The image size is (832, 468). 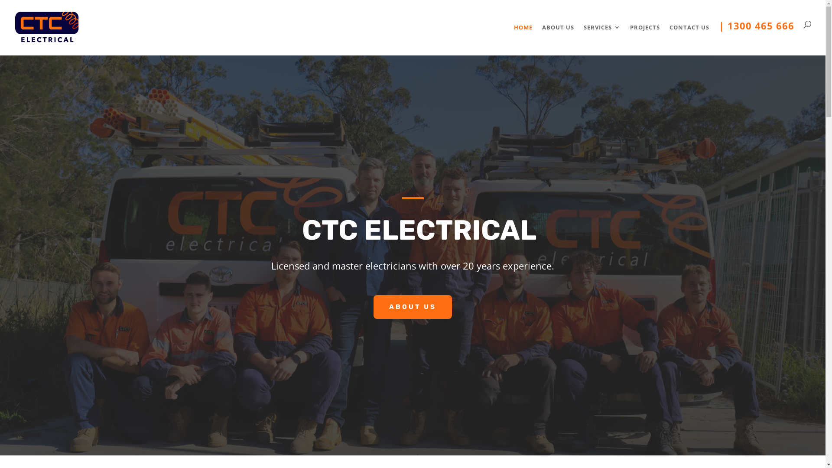 I want to click on 'CONTACT US', so click(x=689, y=37).